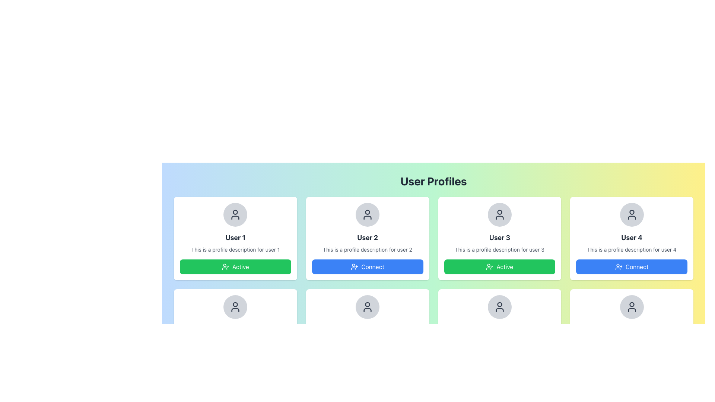  What do you see at coordinates (619, 267) in the screenshot?
I see `the user icon with a plus symbol located within the blue 'Connect' button on the fourth profile card in the horizontal list of user profiles` at bounding box center [619, 267].